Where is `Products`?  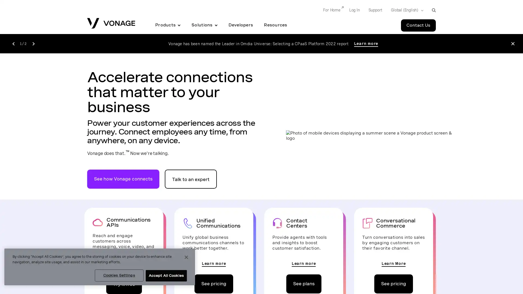
Products is located at coordinates (168, 25).